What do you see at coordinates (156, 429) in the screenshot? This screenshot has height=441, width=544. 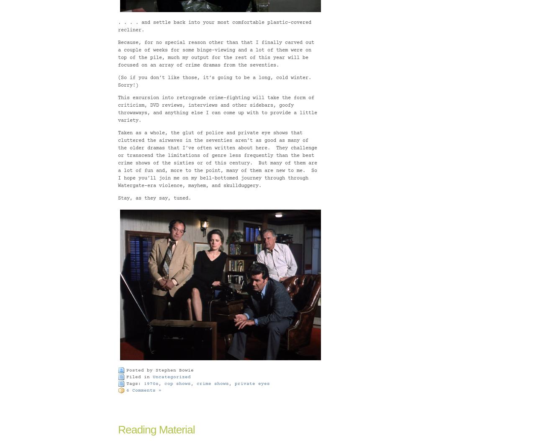 I see `'Reading Material'` at bounding box center [156, 429].